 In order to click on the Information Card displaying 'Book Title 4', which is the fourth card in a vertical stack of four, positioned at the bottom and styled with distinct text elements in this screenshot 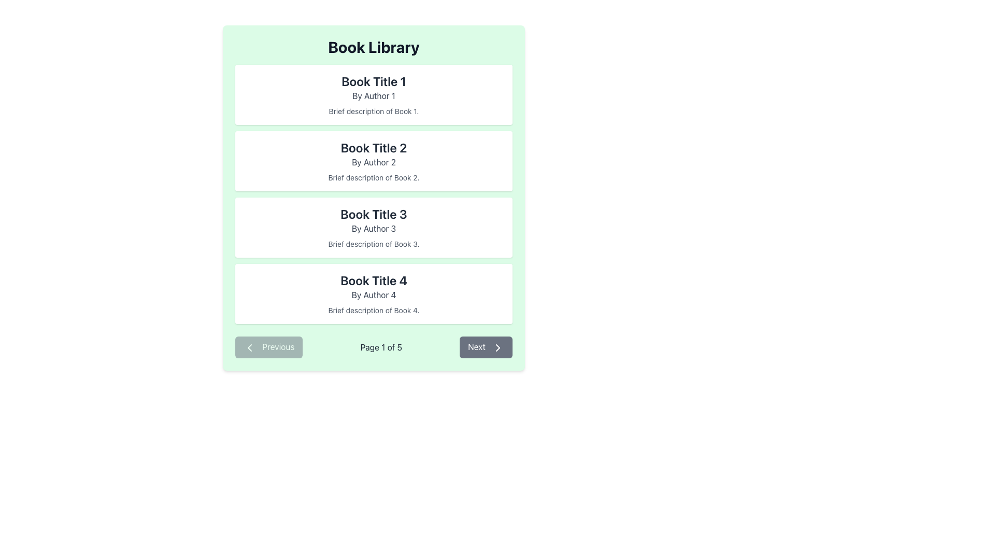, I will do `click(373, 294)`.